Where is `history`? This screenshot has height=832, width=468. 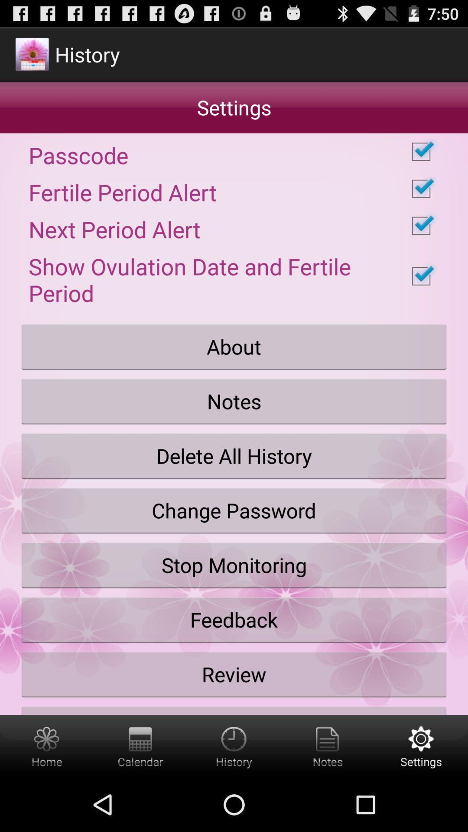
history is located at coordinates (234, 746).